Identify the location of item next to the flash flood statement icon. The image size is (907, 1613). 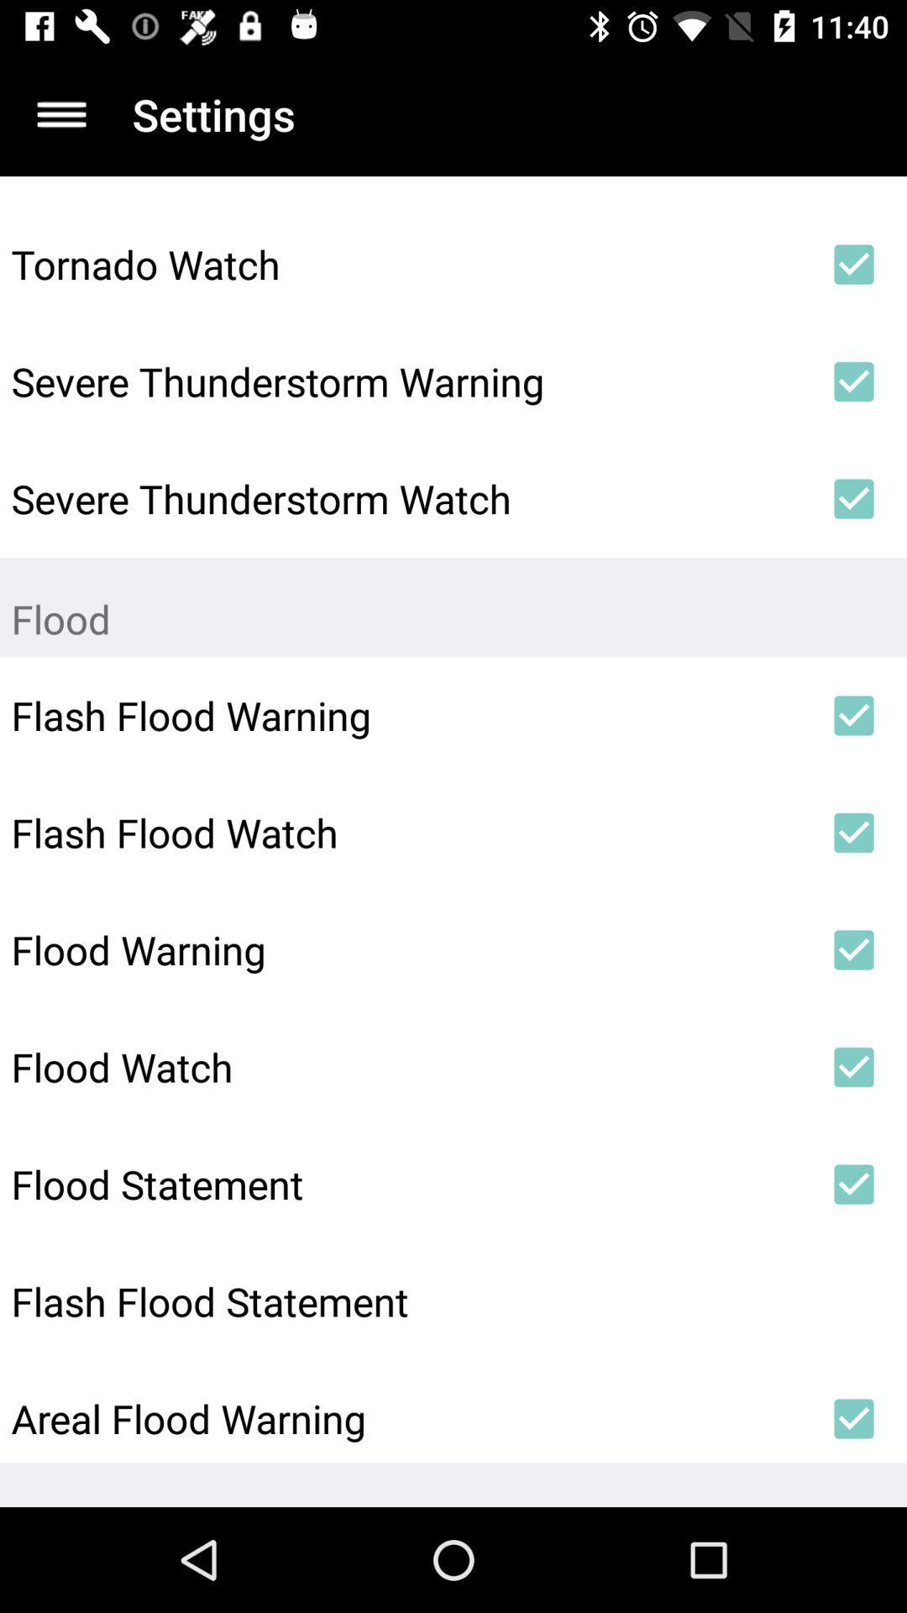
(854, 1300).